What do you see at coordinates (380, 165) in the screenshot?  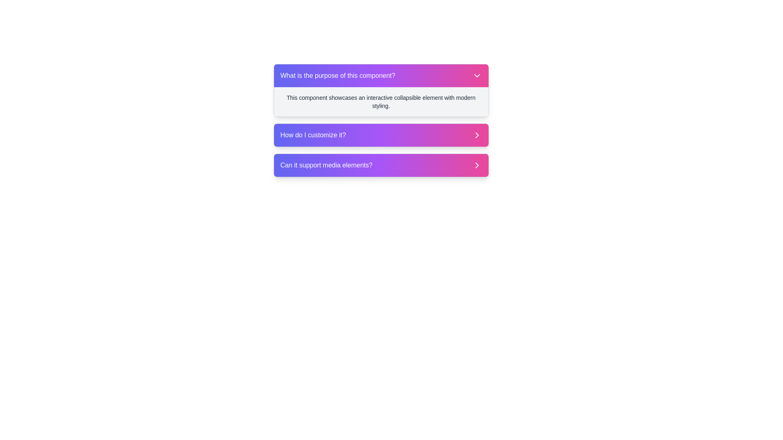 I see `the interactive button located at the bottom of the column` at bounding box center [380, 165].